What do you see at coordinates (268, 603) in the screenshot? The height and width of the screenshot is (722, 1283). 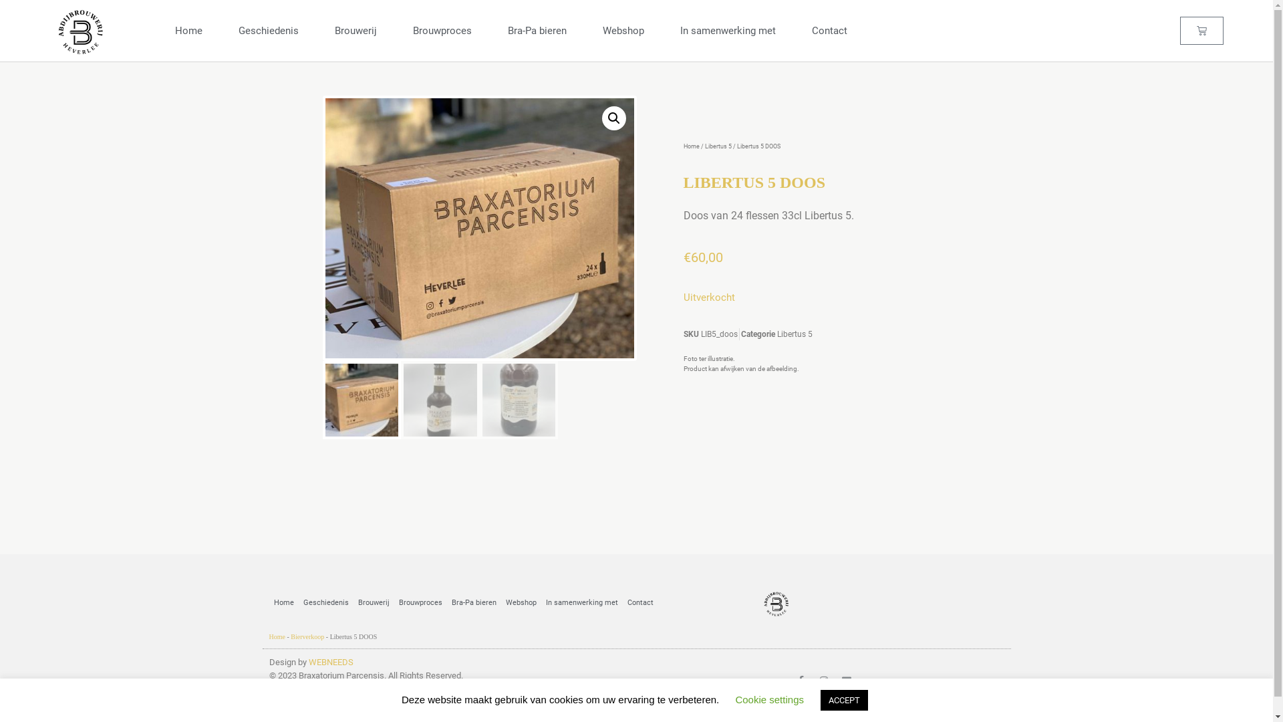 I see `'Home'` at bounding box center [268, 603].